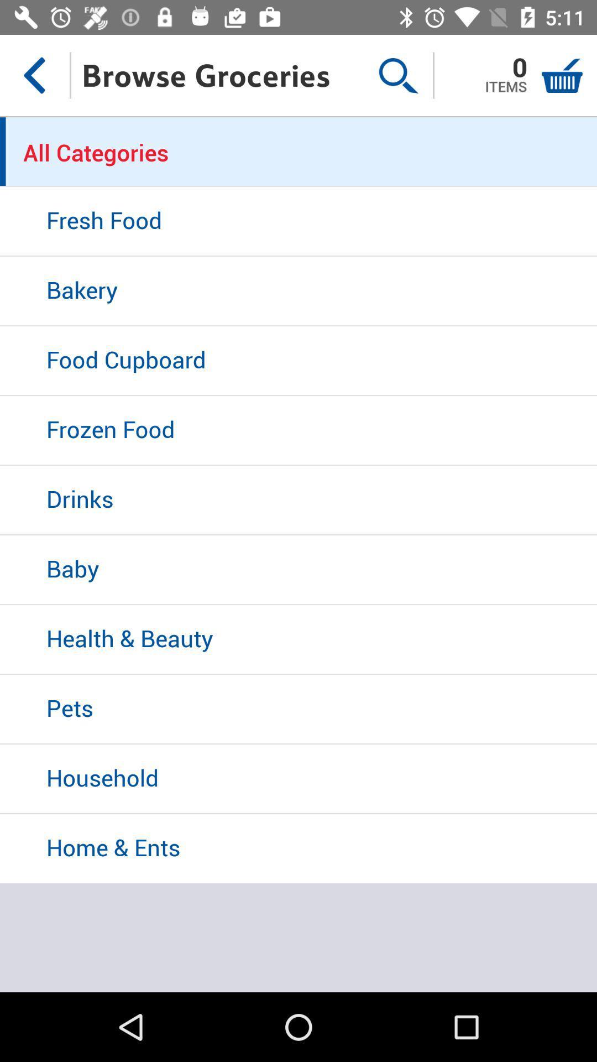 The image size is (597, 1062). Describe the element at coordinates (298, 570) in the screenshot. I see `baby` at that location.